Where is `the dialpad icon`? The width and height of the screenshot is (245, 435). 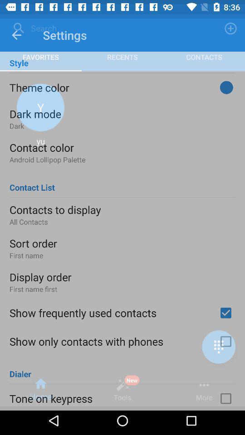
the dialpad icon is located at coordinates (218, 346).